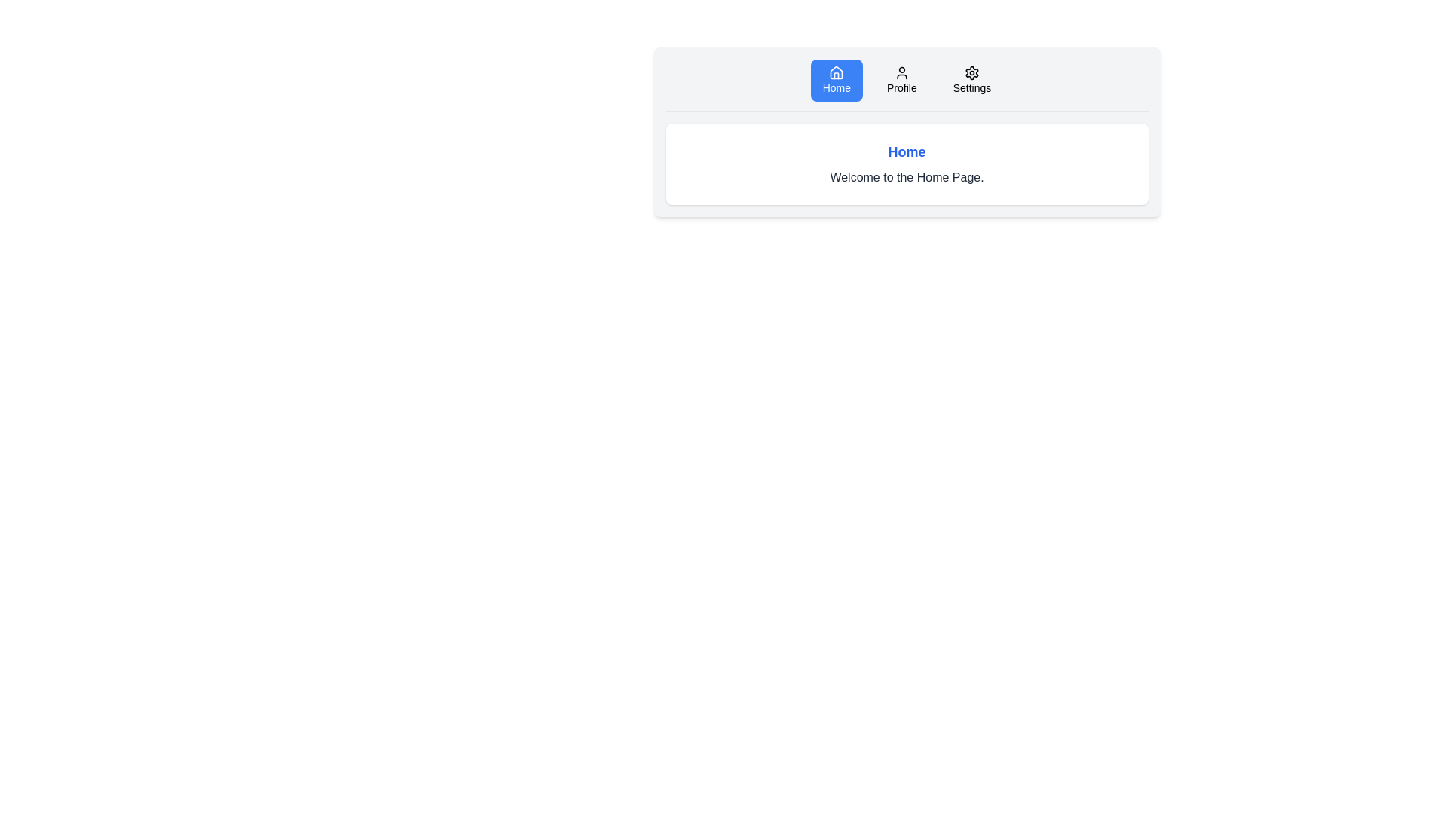 The height and width of the screenshot is (814, 1447). Describe the element at coordinates (972, 81) in the screenshot. I see `the tab labeled Settings to examine its appearance` at that location.